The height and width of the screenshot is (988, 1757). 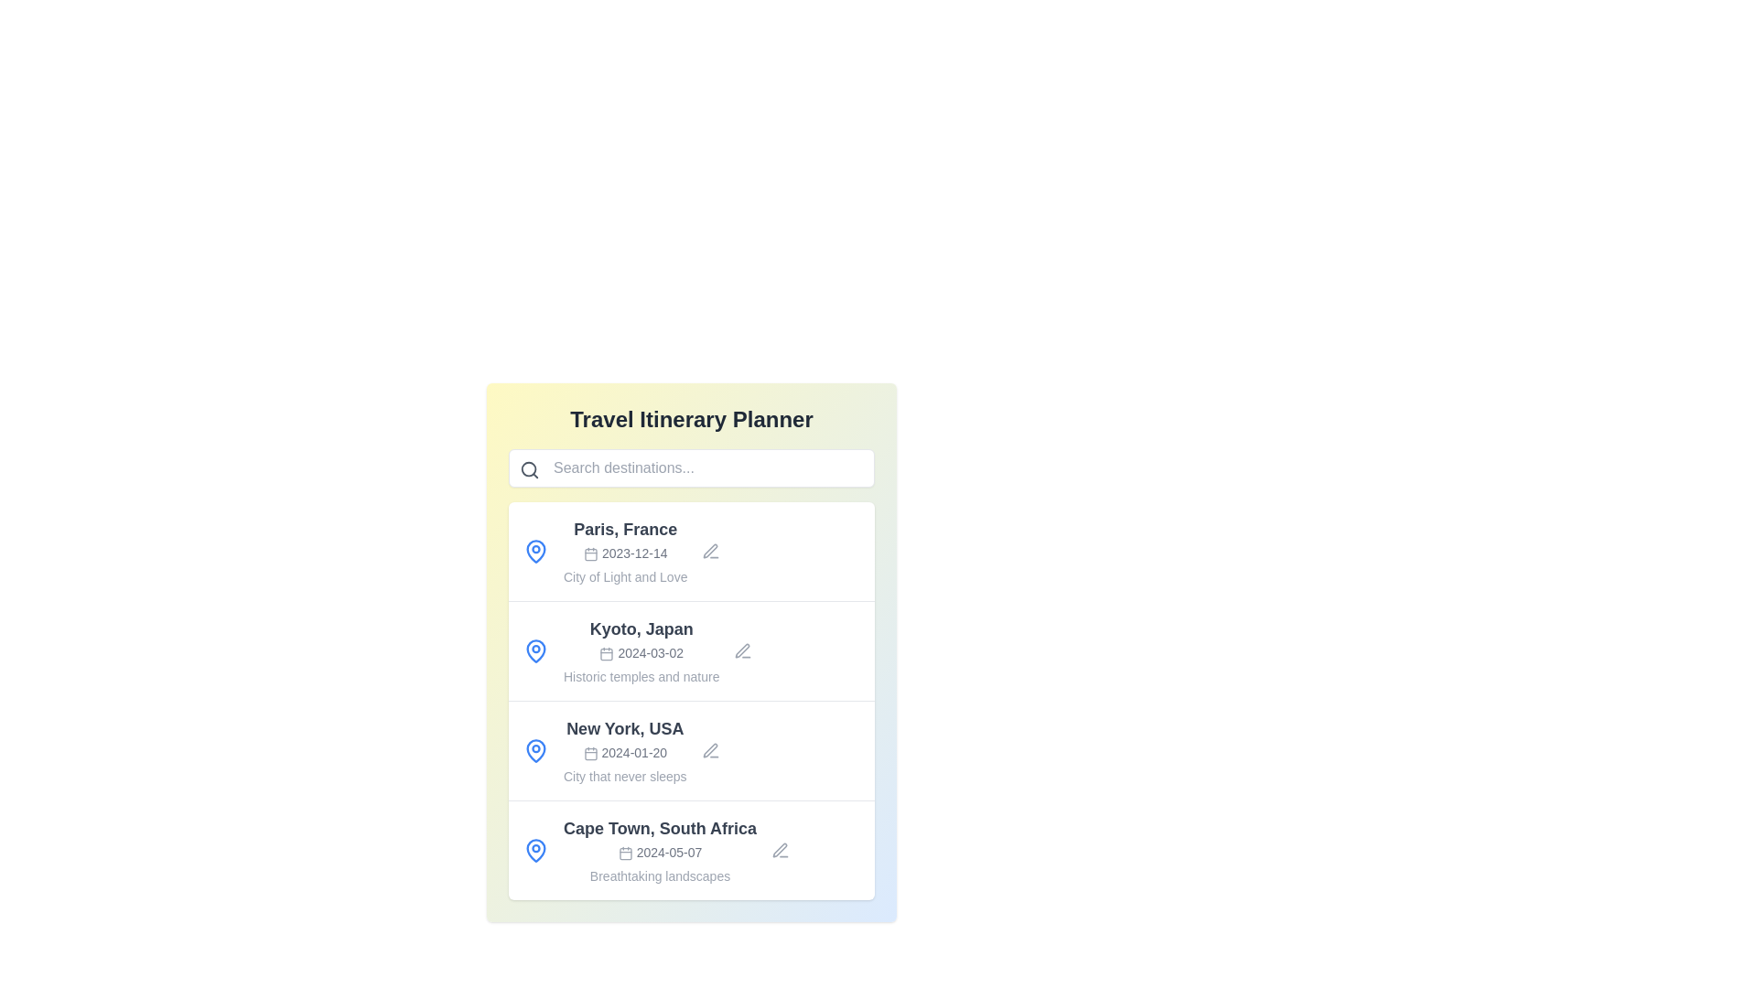 What do you see at coordinates (690, 550) in the screenshot?
I see `the icons related to the travel destination 'Paris, France' for additional actions in the travel itinerary planner interface` at bounding box center [690, 550].